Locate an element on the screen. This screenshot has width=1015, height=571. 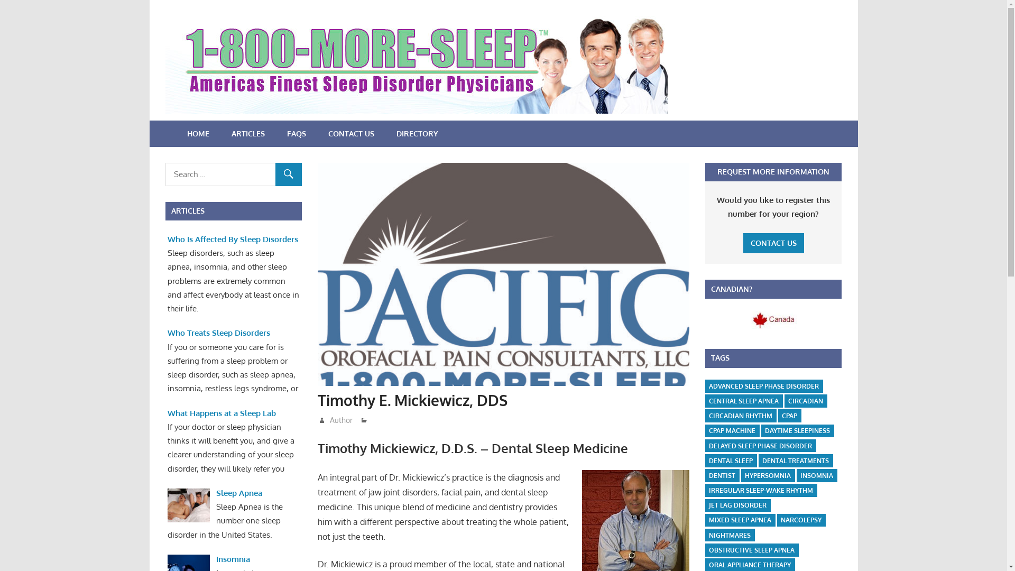
'IRREGULAR SLEEP-WAKE RHYTHM' is located at coordinates (705, 490).